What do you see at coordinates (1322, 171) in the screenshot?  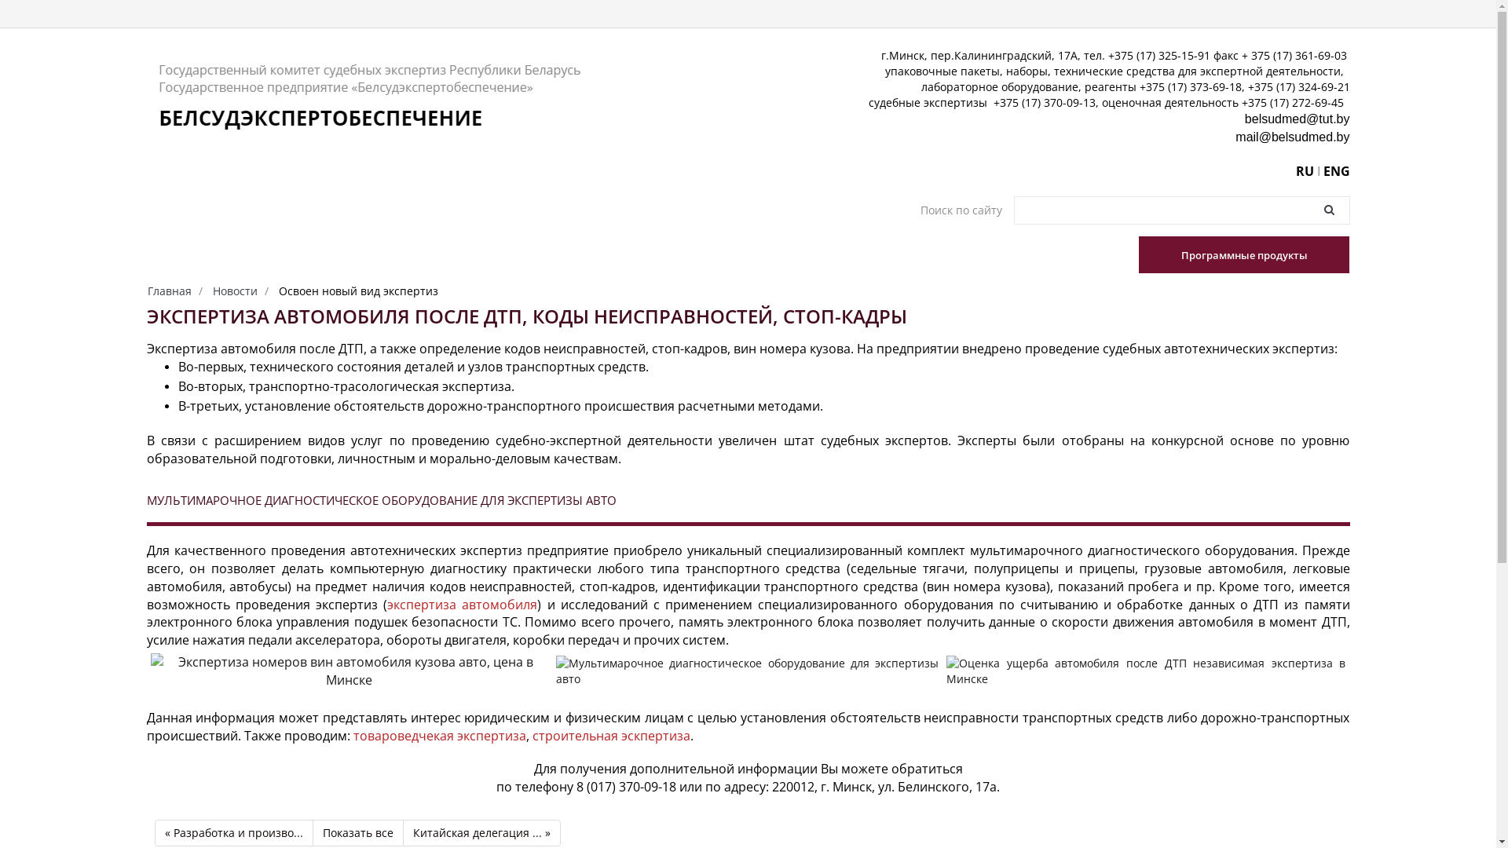 I see `'ENG'` at bounding box center [1322, 171].